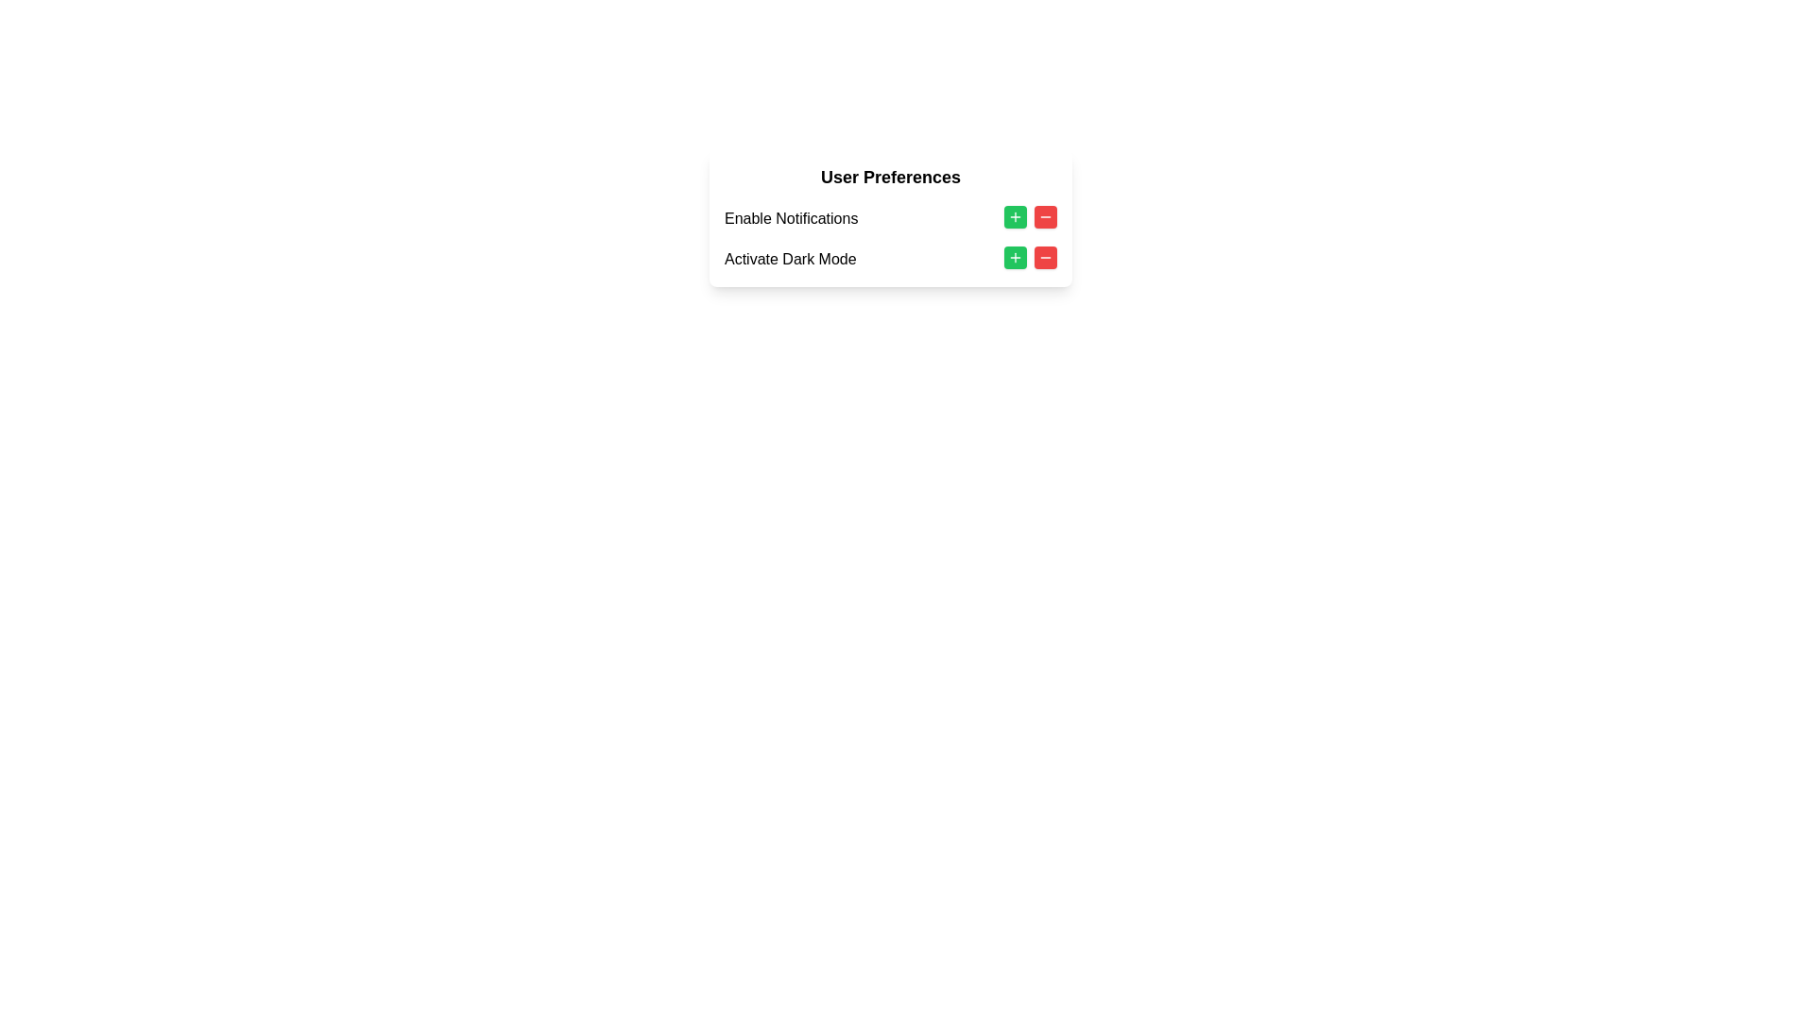 The width and height of the screenshot is (1814, 1020). I want to click on the bold, large-sized text label reading 'User Preferences' at the top of the white card with rounded corners and shadow, so click(889, 178).